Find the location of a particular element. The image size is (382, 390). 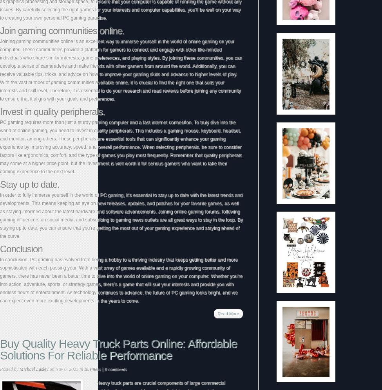

'PC gaming requires more than just a sturdy gaming computer and a fast internet connection. To truly dive into the world of online gaming, you need to invest in quality peripherals. This includes a gaming mouse, keyboard, headset, and monitor, among others. These peripherals are essential tools that can significantly enhance your gaming experience by improving accuracy, speed, and overall performance. When selecting peripherals, be sure to consider factors like ergonomics, comfort, and the type of games you play most frequently. Remember that quality peripherals may come at a higher price point, but the investment is well worth it for serious gamers who want to take their gaming experience to the next level.' is located at coordinates (120, 147).